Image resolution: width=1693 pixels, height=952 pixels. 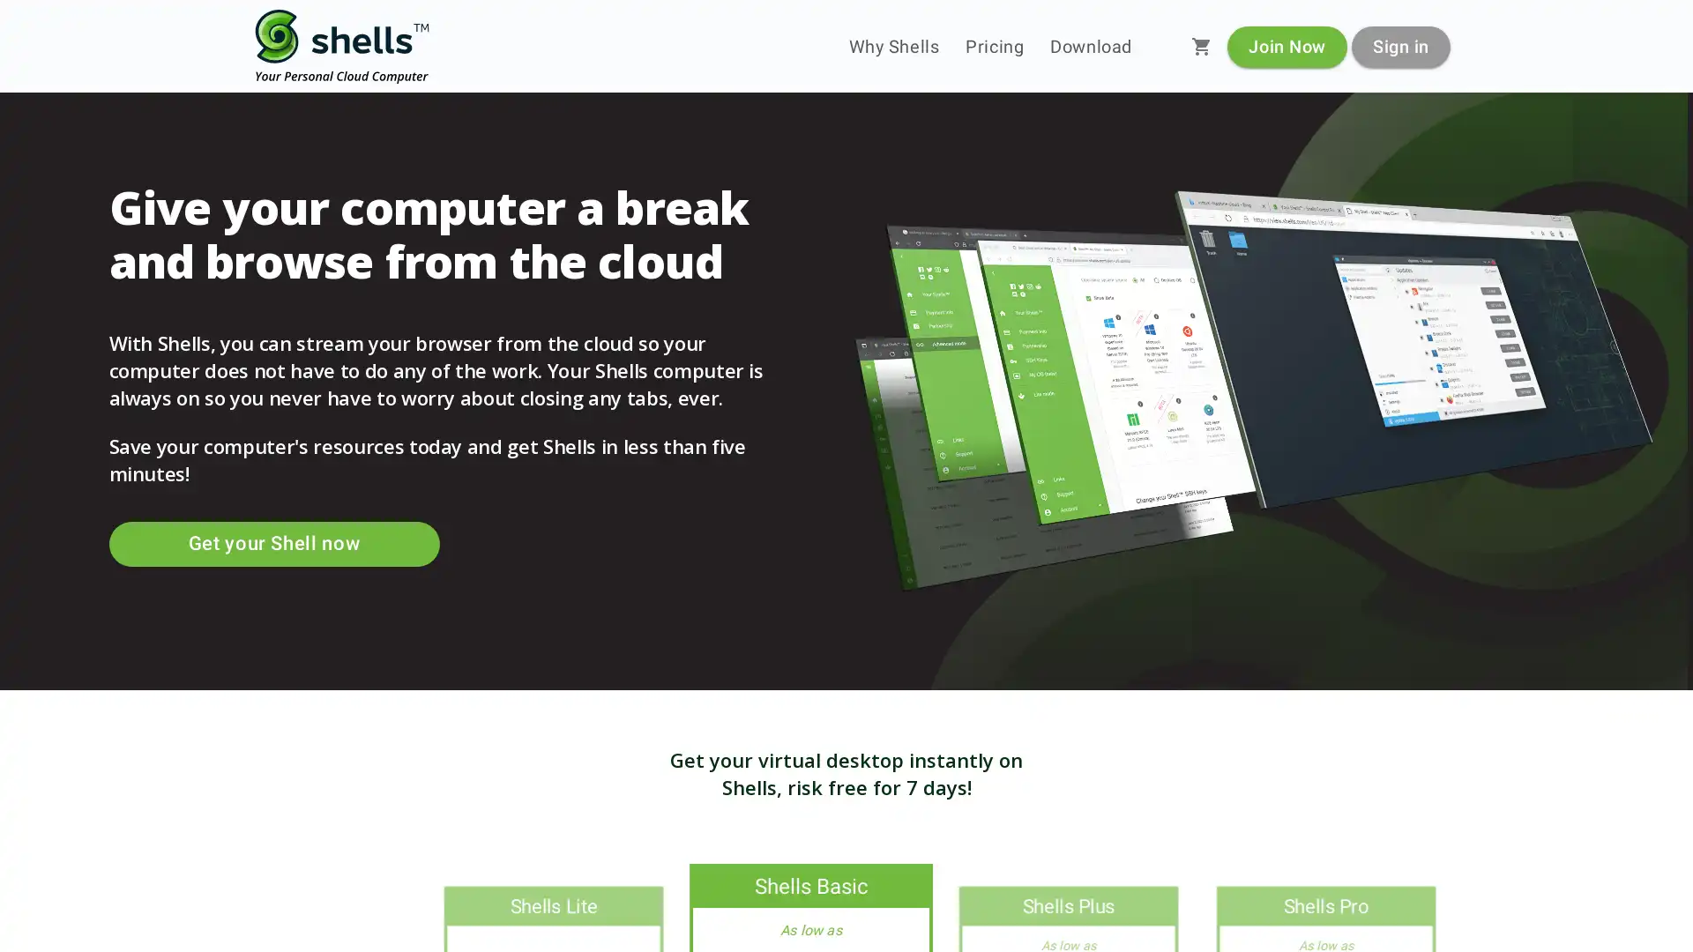 I want to click on Pricing, so click(x=995, y=46).